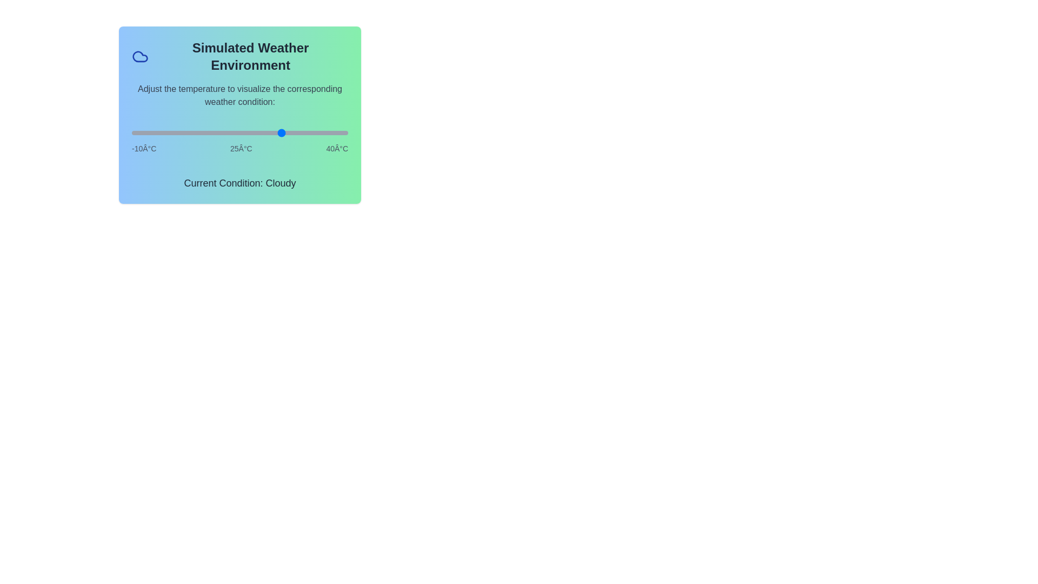  I want to click on the temperature slider to 26 degrees Celsius, so click(288, 132).